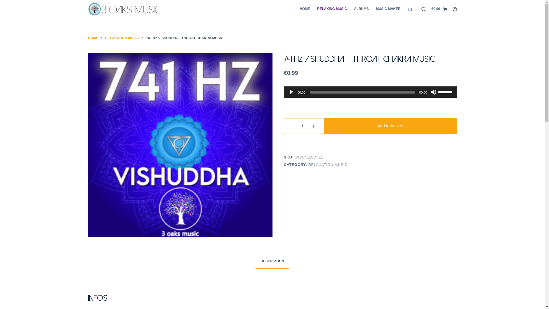 The height and width of the screenshot is (309, 549). I want to click on 'DESCRIPTION', so click(272, 262).